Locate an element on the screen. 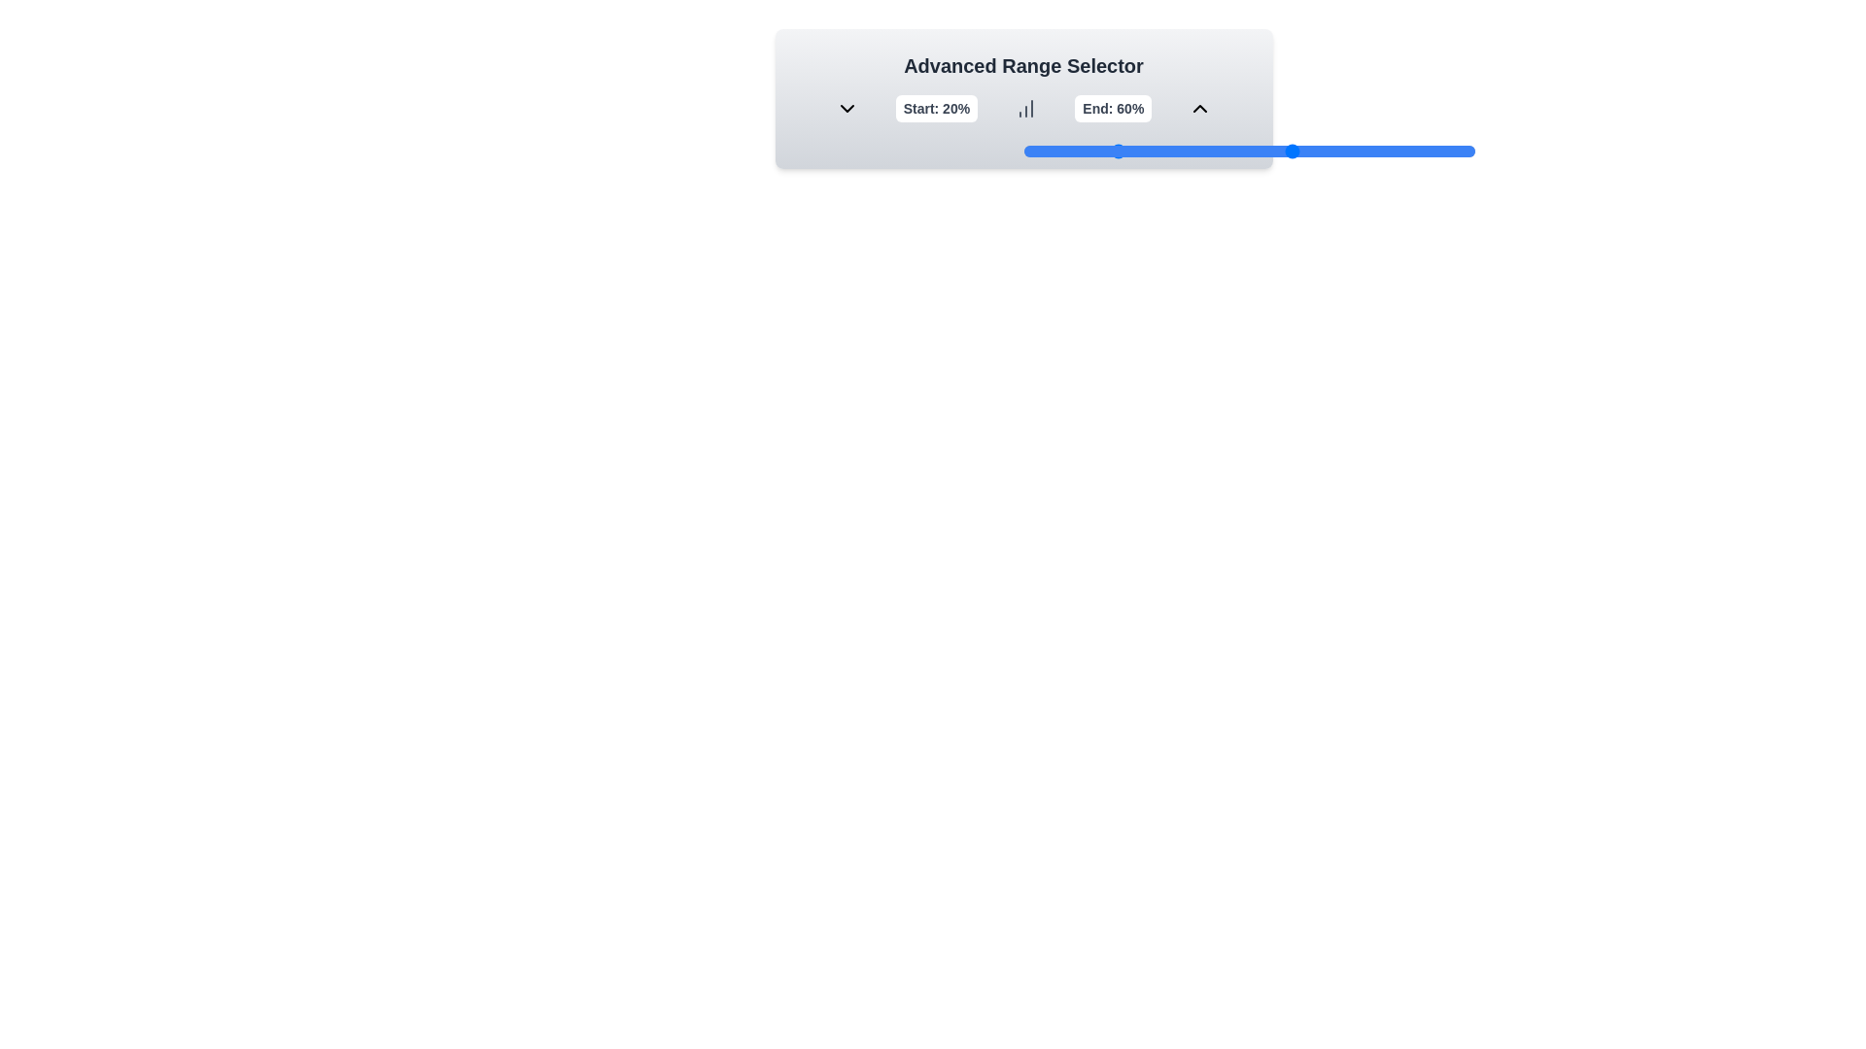  the end range slider to 71% is located at coordinates (1342, 150).